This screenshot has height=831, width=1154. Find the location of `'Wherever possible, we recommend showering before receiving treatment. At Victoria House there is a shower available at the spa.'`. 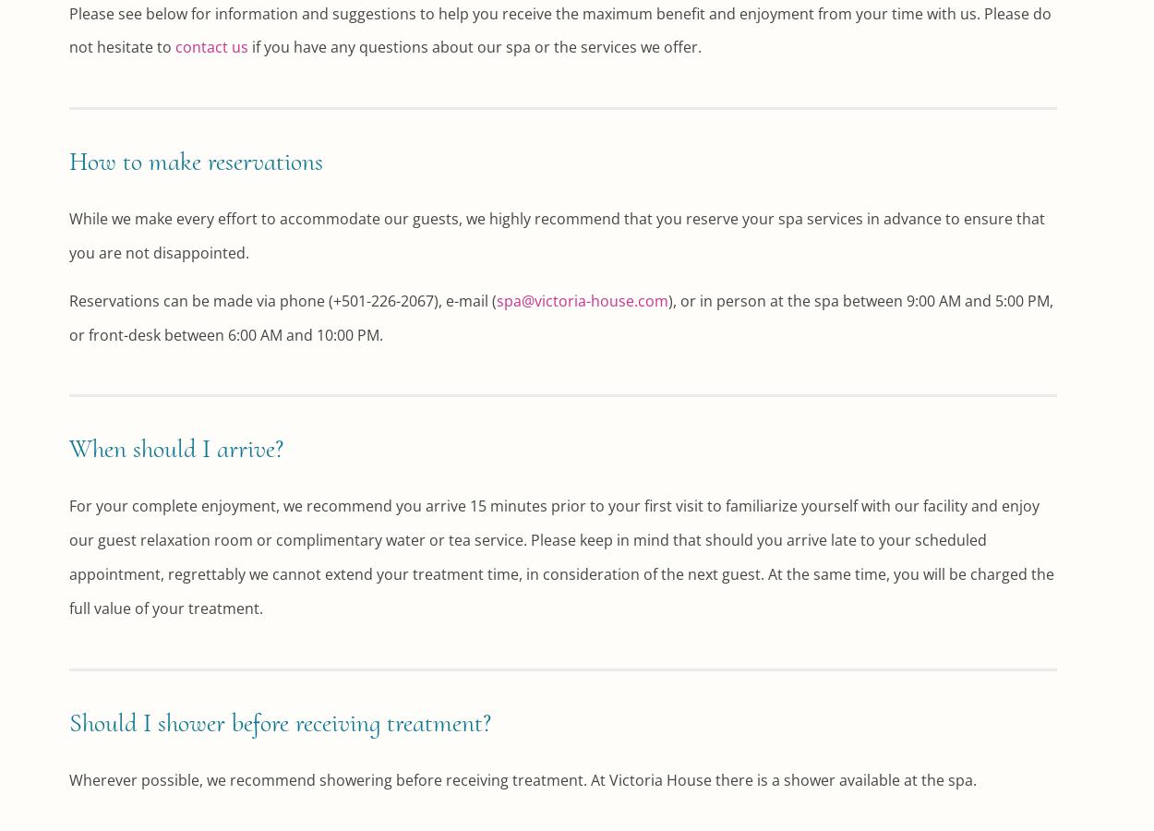

'Wherever possible, we recommend showering before receiving treatment. At Victoria House there is a shower available at the spa.' is located at coordinates (522, 779).